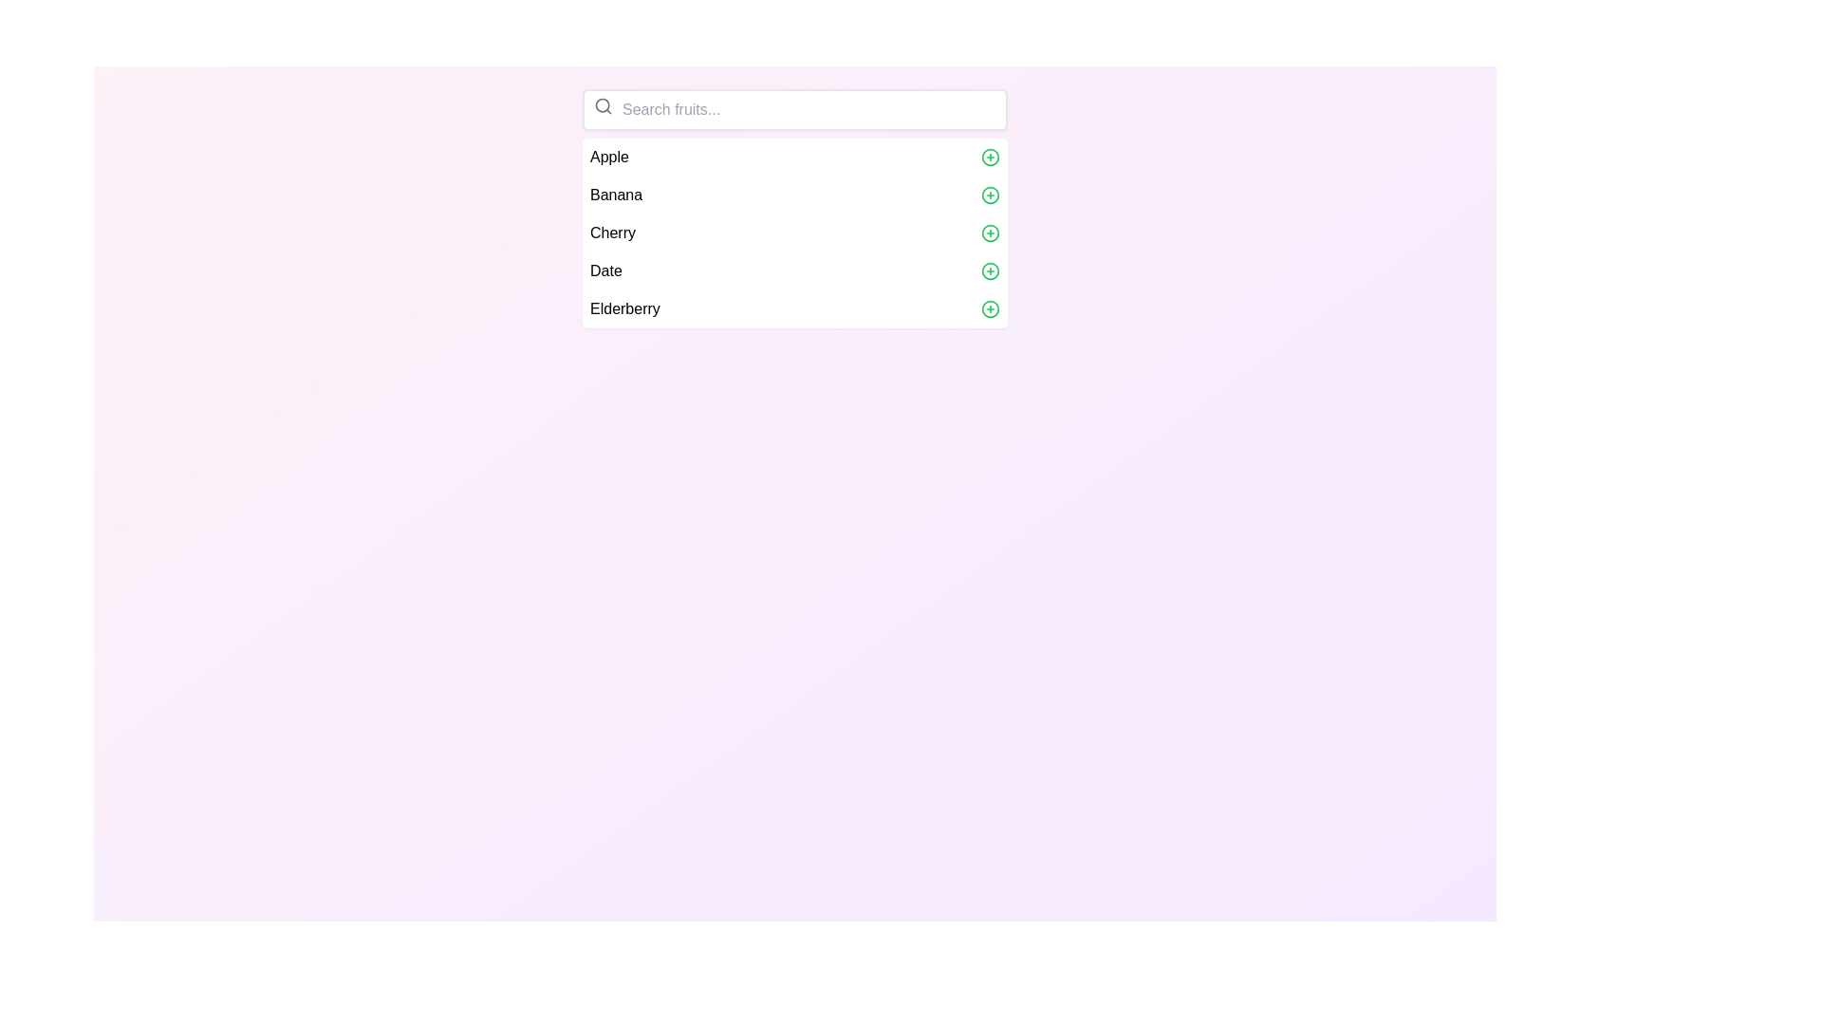 Image resolution: width=1822 pixels, height=1025 pixels. Describe the element at coordinates (989, 233) in the screenshot. I see `the 'Add' or 'Expand' button located to the right of the text 'Cherry'` at that location.